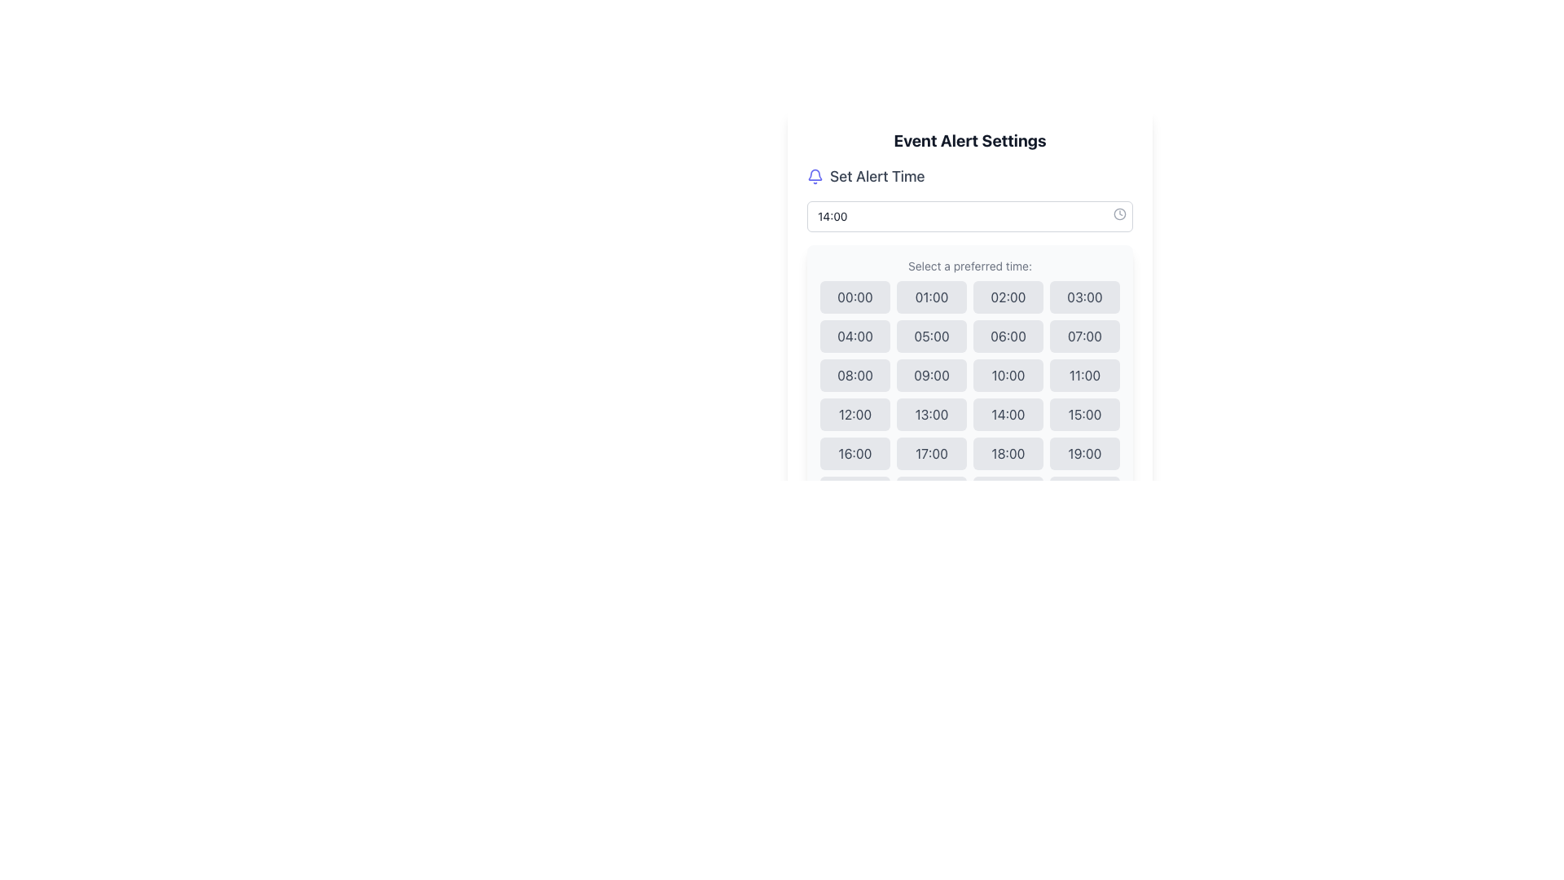 This screenshot has width=1564, height=880. I want to click on the rectangular button labeled '04:00' with rounded corners, located in the first column of the second row in the grid of buttons under the 'Event Alert Settings' interface, so click(854, 335).